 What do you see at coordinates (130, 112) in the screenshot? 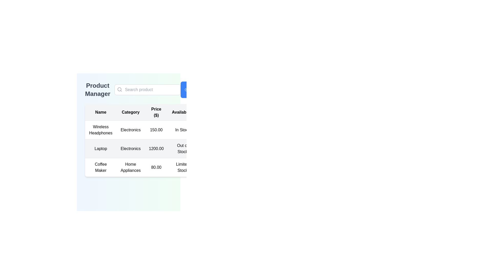
I see `text of the 'Category' column header in the table, which is the second header in the row of table headers, located towards the upper section of the data grid` at bounding box center [130, 112].